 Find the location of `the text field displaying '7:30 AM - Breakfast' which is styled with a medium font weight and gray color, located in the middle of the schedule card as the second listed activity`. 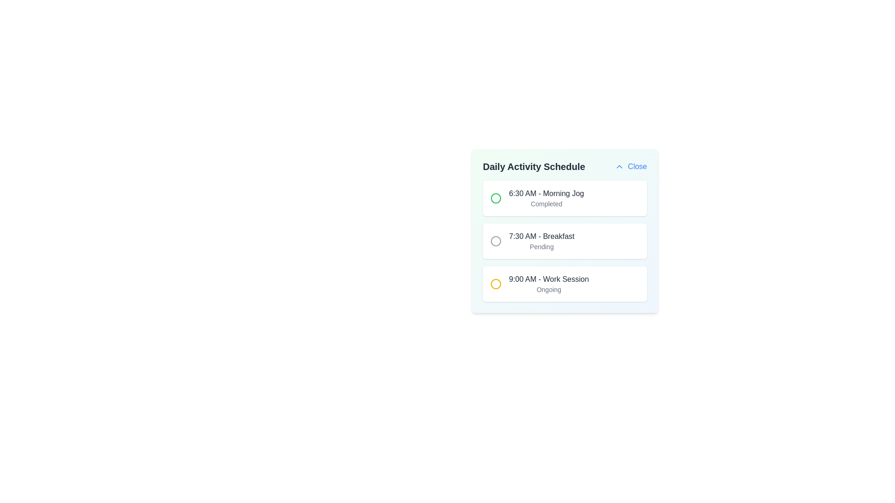

the text field displaying '7:30 AM - Breakfast' which is styled with a medium font weight and gray color, located in the middle of the schedule card as the second listed activity is located at coordinates (542, 236).